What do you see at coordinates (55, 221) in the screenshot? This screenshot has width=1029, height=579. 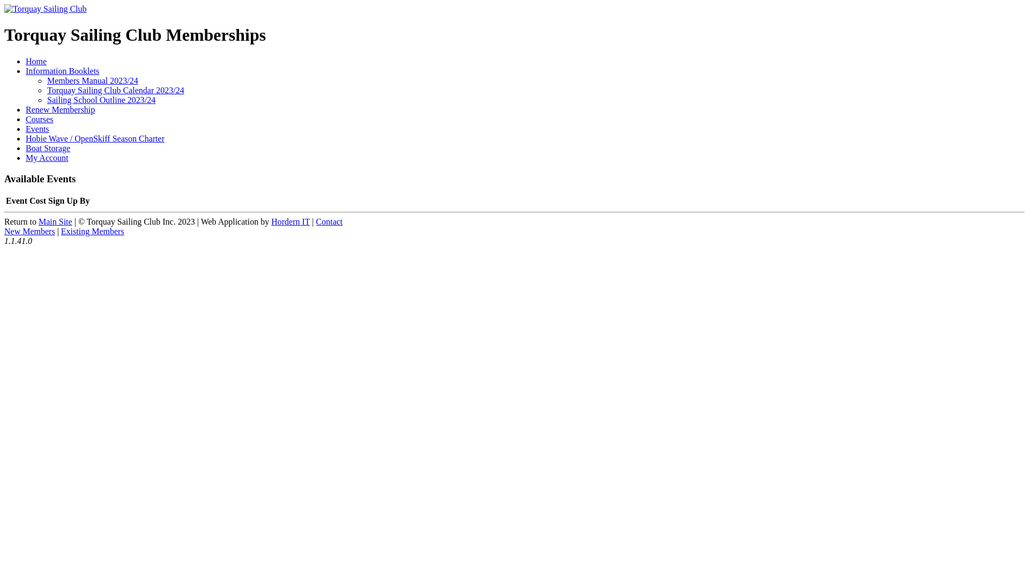 I see `'Main Site'` at bounding box center [55, 221].